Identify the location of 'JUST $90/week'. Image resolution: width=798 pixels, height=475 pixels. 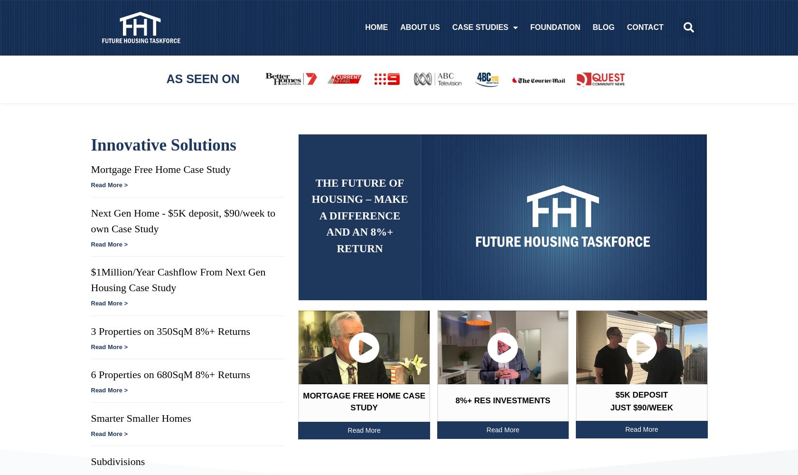
(641, 407).